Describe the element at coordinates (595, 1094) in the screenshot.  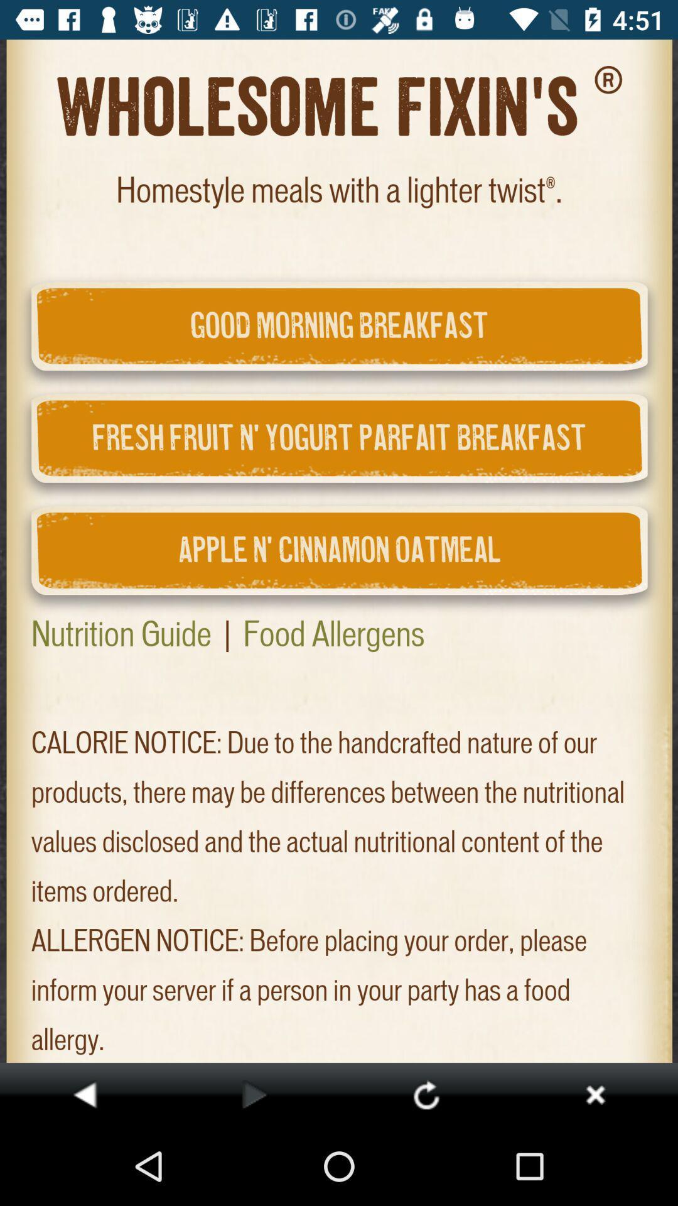
I see `tab` at that location.